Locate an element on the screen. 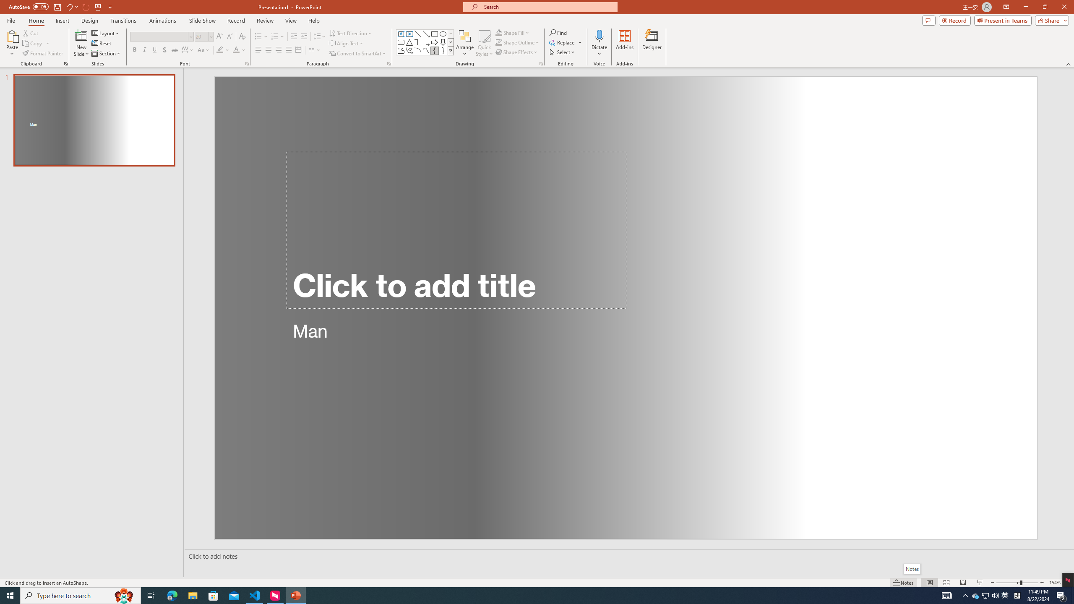 The image size is (1074, 604). 'Format Object...' is located at coordinates (541, 63).